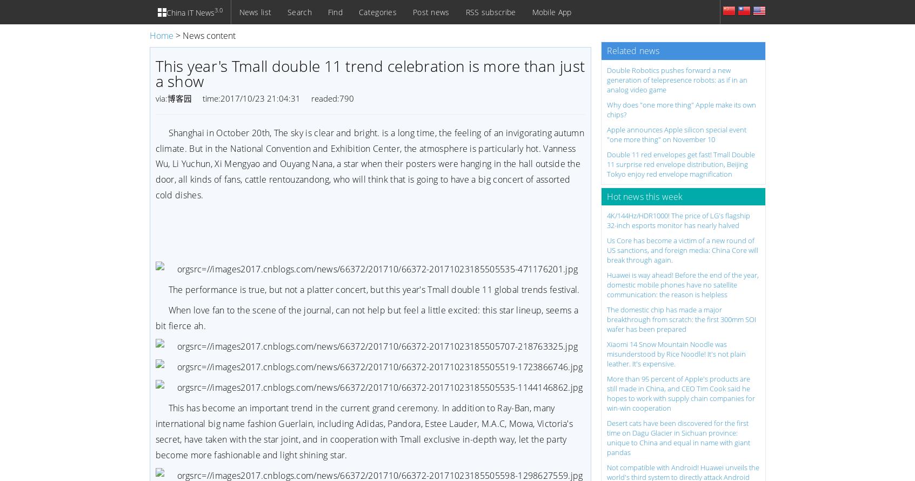 This screenshot has width=915, height=481. What do you see at coordinates (154, 431) in the screenshot?
I see `'This has become an important trend in the current grand ceremony. In addition to Ray-Ban, many international big name fashion Guerlain, including Adidas, Pandora, Estee Lauder, M.A.C, Mowa, Victoria's secret, have taken with the star joint, and in cooperation with Tmall exclusive in-depth way, let the party become more fashionable and light shining star.'` at bounding box center [154, 431].